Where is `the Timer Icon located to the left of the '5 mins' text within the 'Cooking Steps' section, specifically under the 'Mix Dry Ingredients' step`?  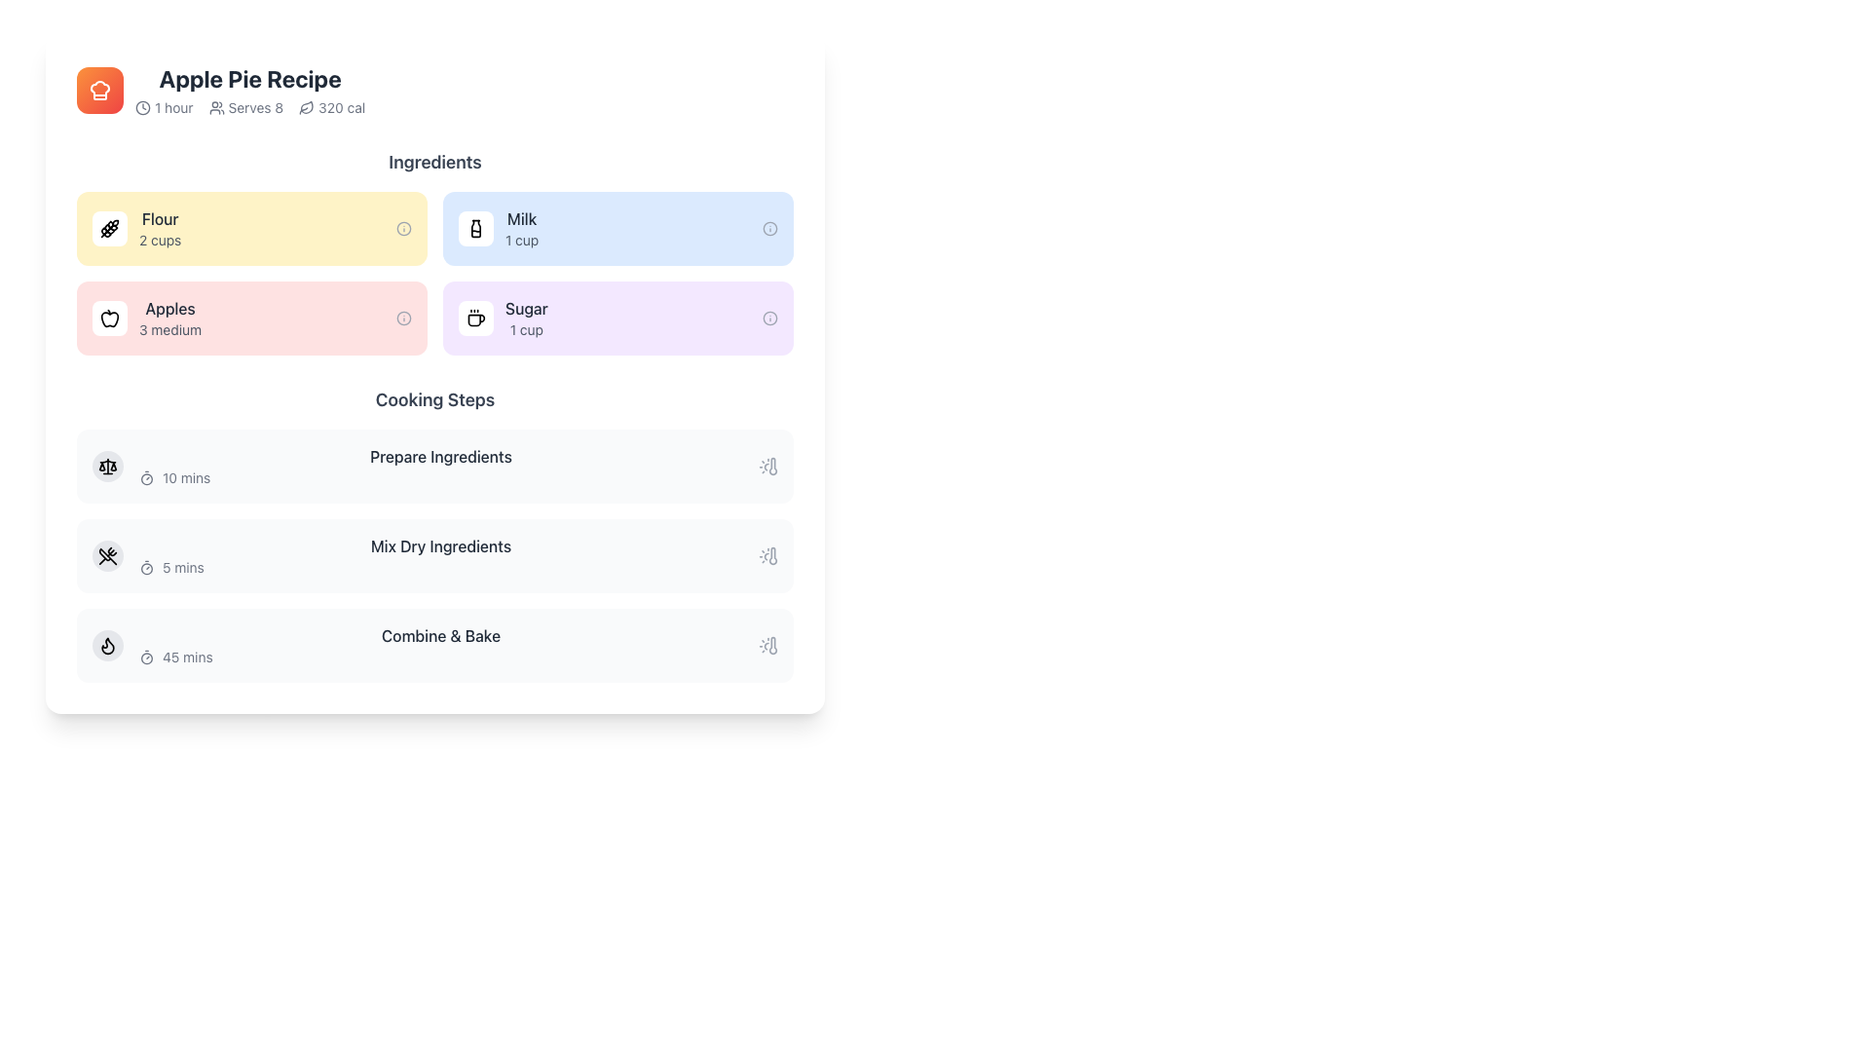 the Timer Icon located to the left of the '5 mins' text within the 'Cooking Steps' section, specifically under the 'Mix Dry Ingredients' step is located at coordinates (145, 567).